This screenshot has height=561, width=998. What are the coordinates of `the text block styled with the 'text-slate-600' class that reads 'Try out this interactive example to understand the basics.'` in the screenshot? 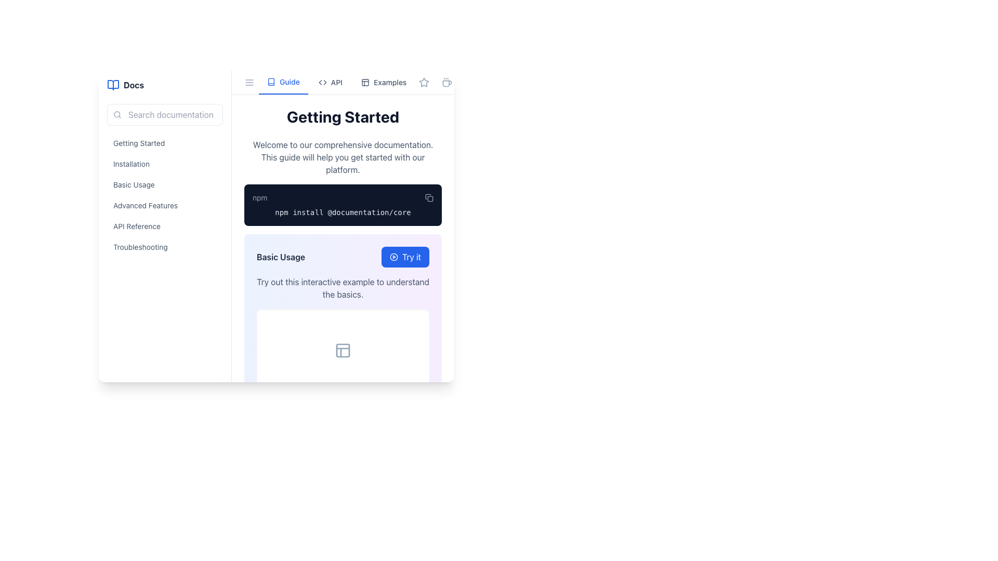 It's located at (343, 288).